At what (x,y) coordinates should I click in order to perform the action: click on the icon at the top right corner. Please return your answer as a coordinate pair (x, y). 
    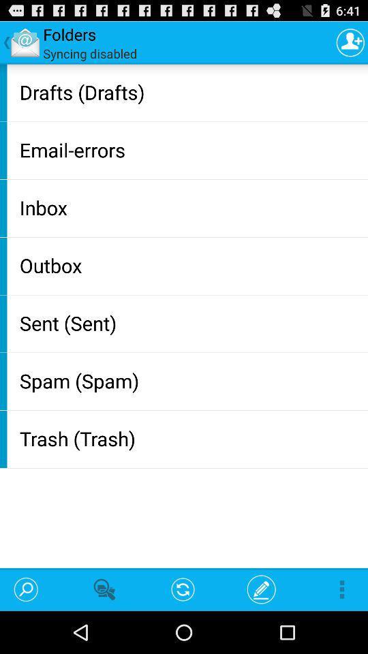
    Looking at the image, I should click on (350, 42).